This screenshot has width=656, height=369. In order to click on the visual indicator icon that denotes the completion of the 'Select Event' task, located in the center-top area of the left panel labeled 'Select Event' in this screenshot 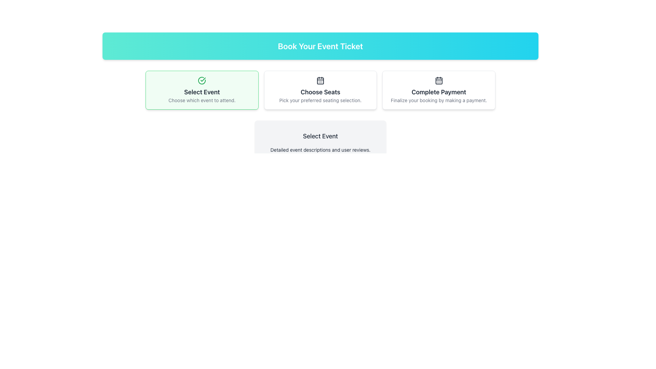, I will do `click(202, 80)`.